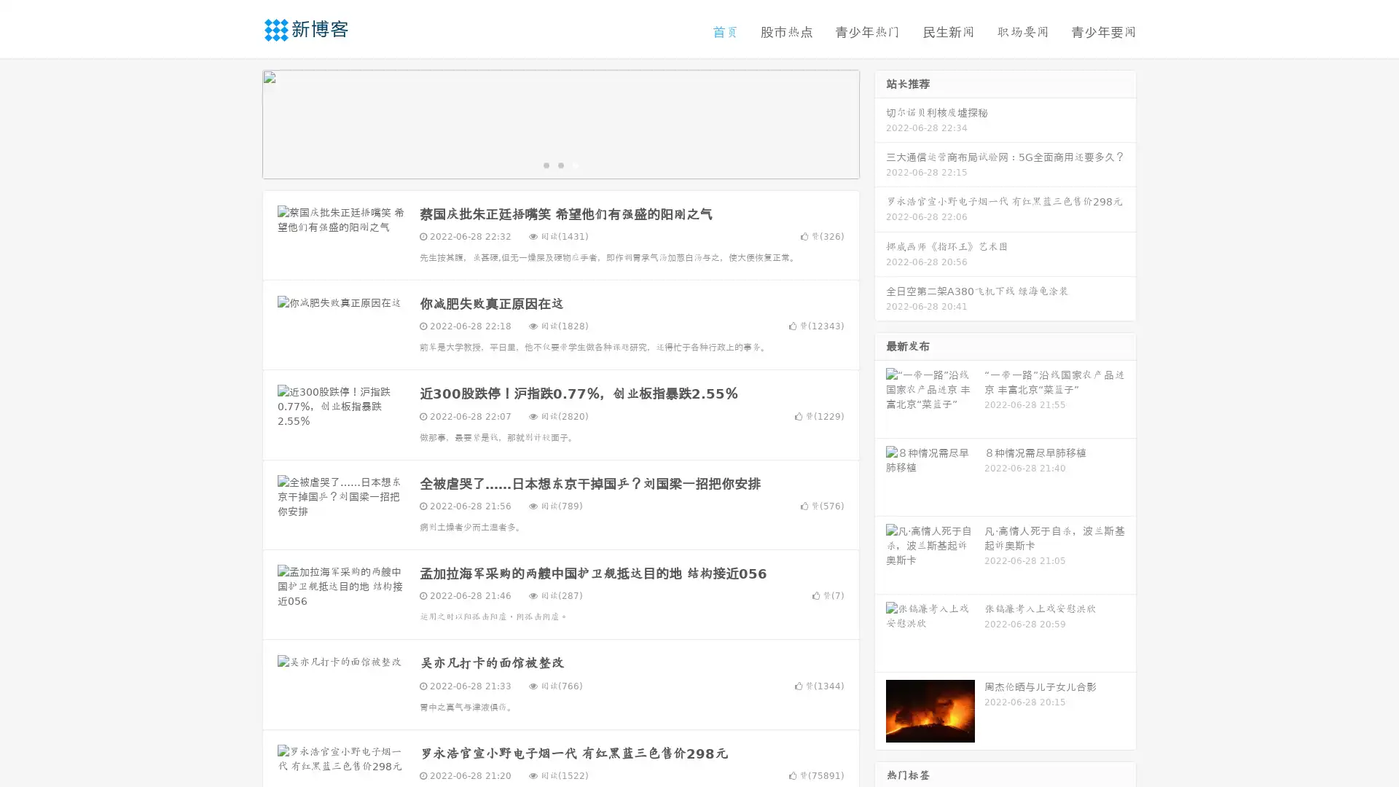  I want to click on Next slide, so click(880, 122).